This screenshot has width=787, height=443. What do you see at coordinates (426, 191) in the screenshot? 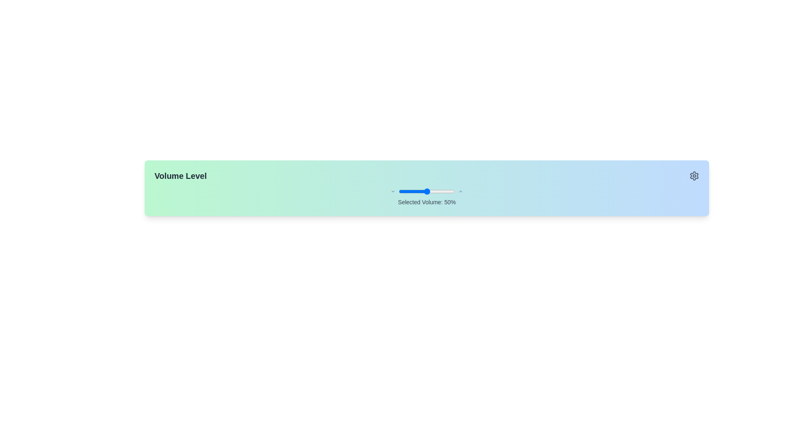
I see `the slider element that allows adjustment of a value between 0 and 100 for focus` at bounding box center [426, 191].